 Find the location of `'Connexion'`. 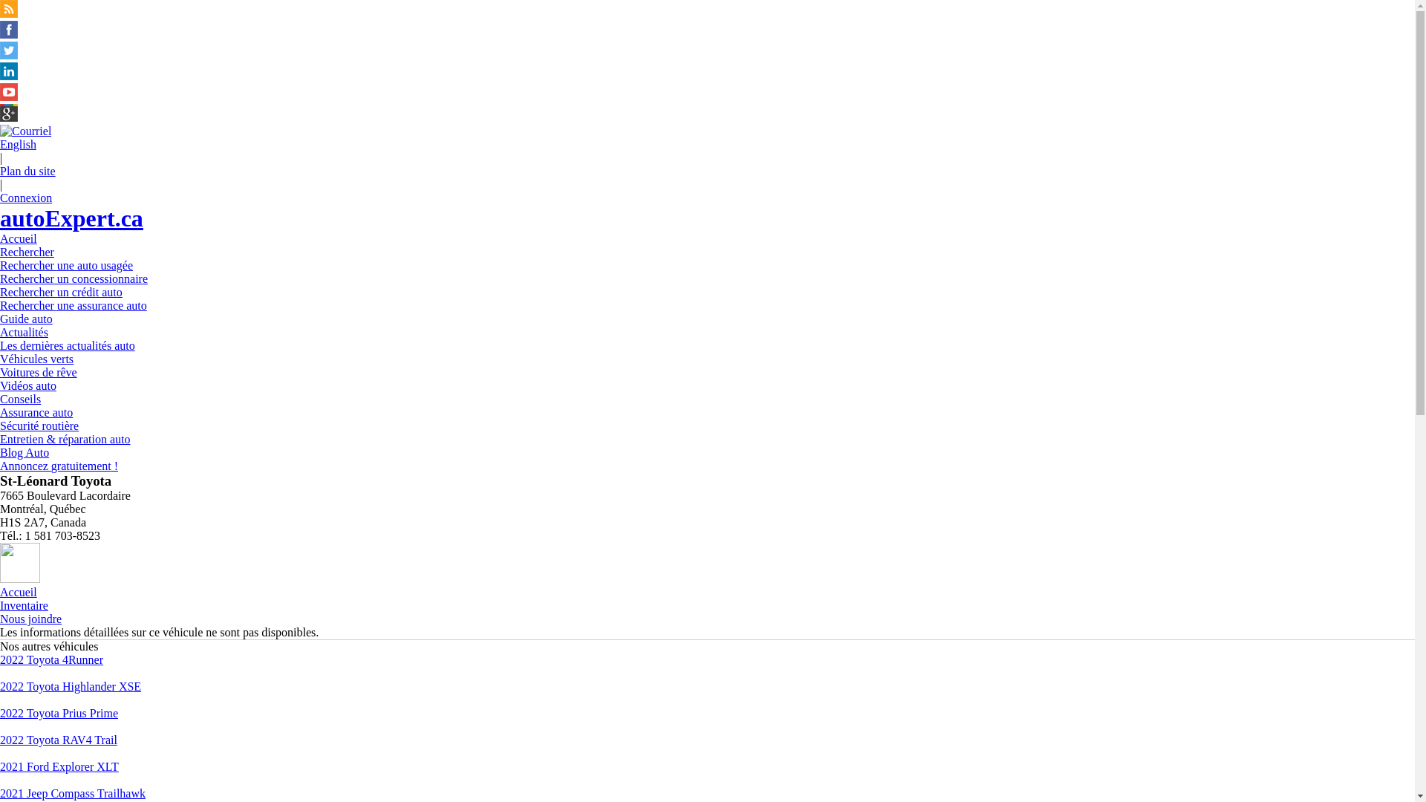

'Connexion' is located at coordinates (25, 197).